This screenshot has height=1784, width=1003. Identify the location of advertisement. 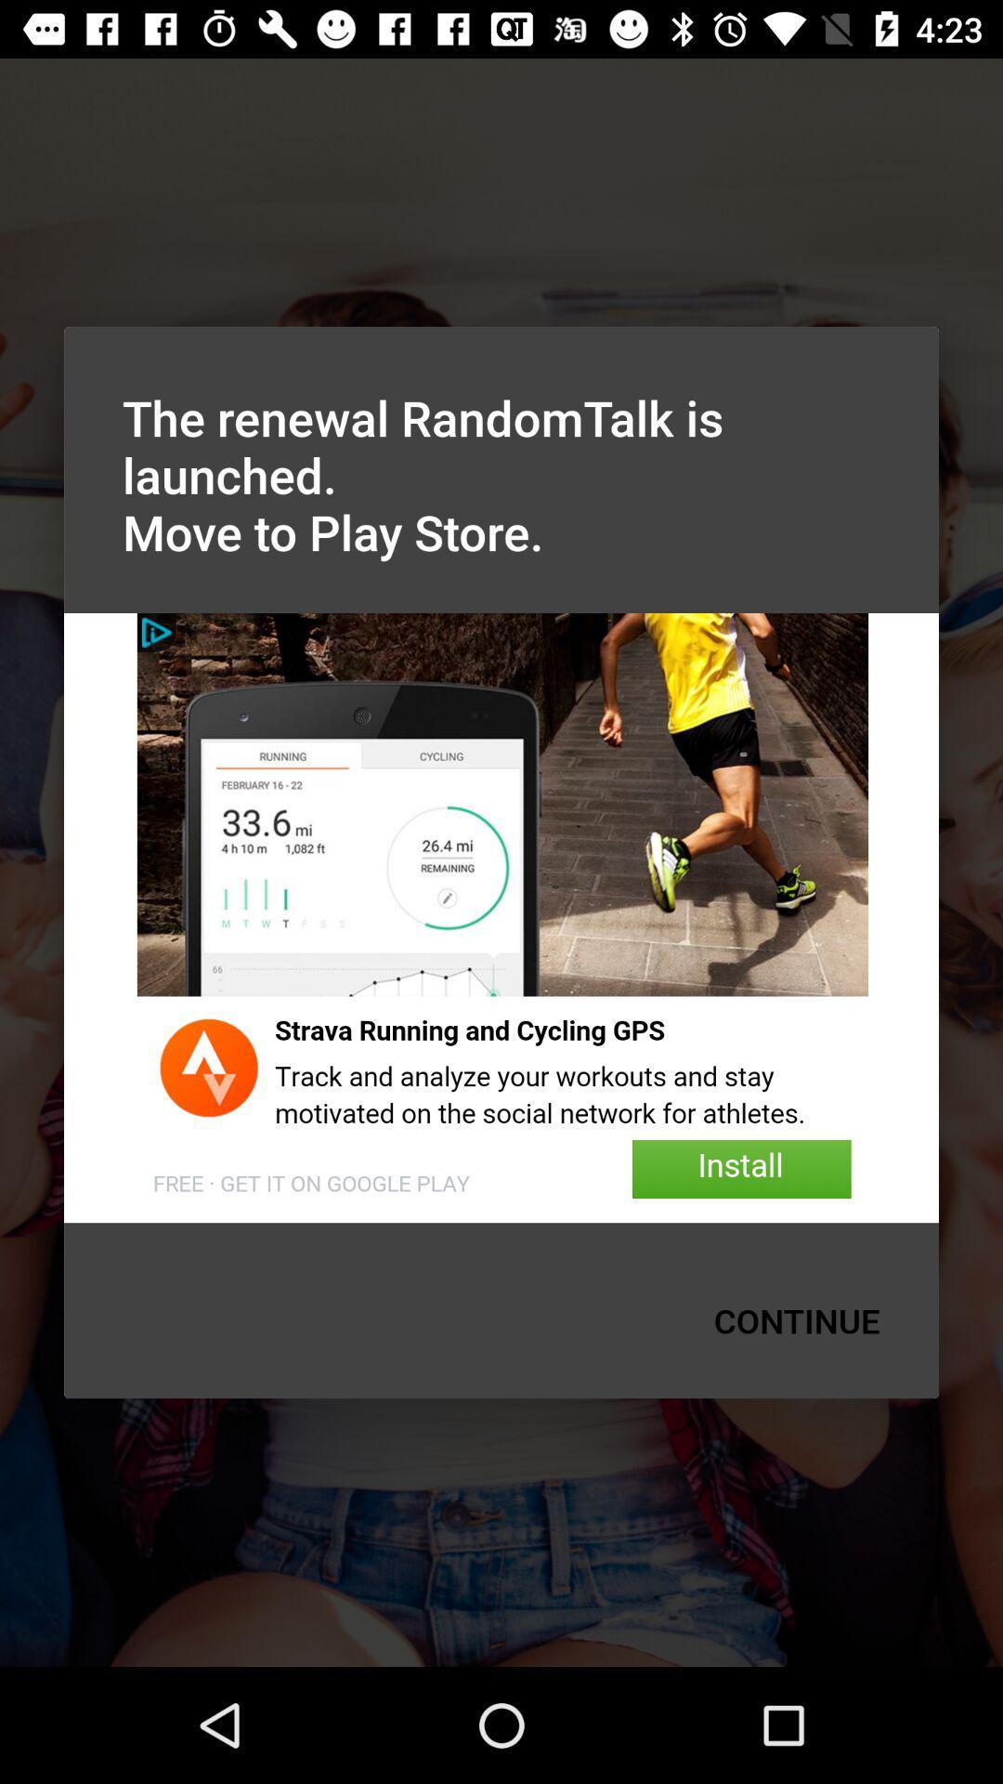
(501, 918).